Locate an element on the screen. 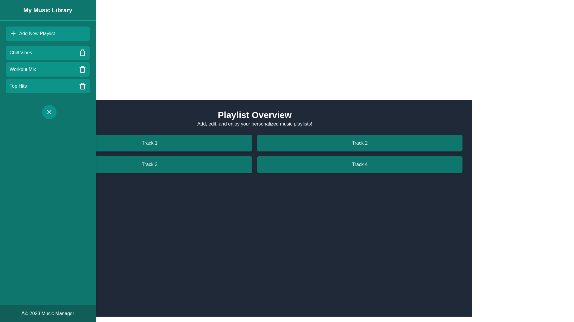  the 'plus' icon located to the left of the 'Add New Playlist' label in the sidebar to observe any visual effects is located at coordinates (13, 33).